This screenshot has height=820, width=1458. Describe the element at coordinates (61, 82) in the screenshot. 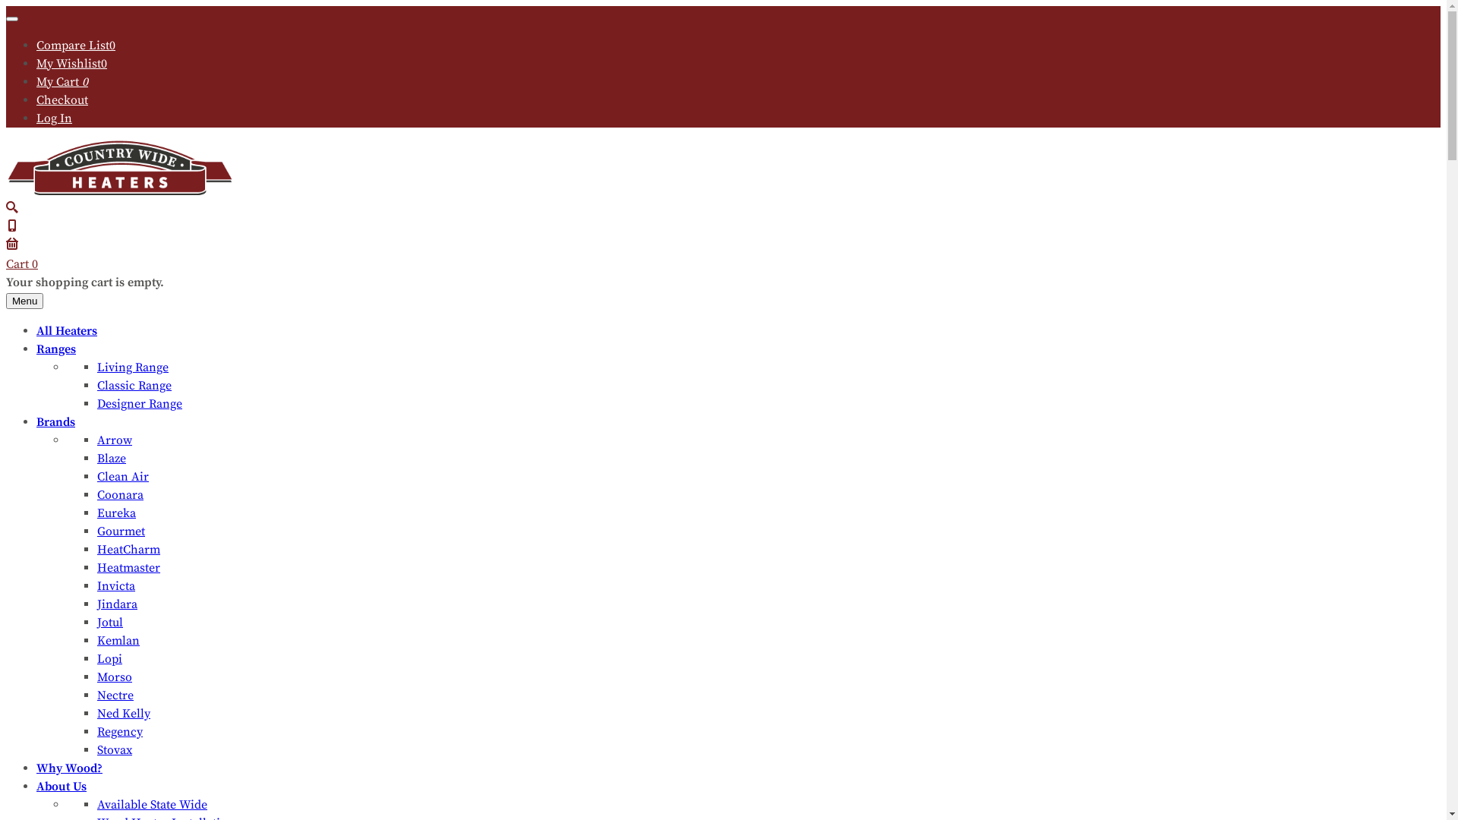

I see `'My Cart 0'` at that location.